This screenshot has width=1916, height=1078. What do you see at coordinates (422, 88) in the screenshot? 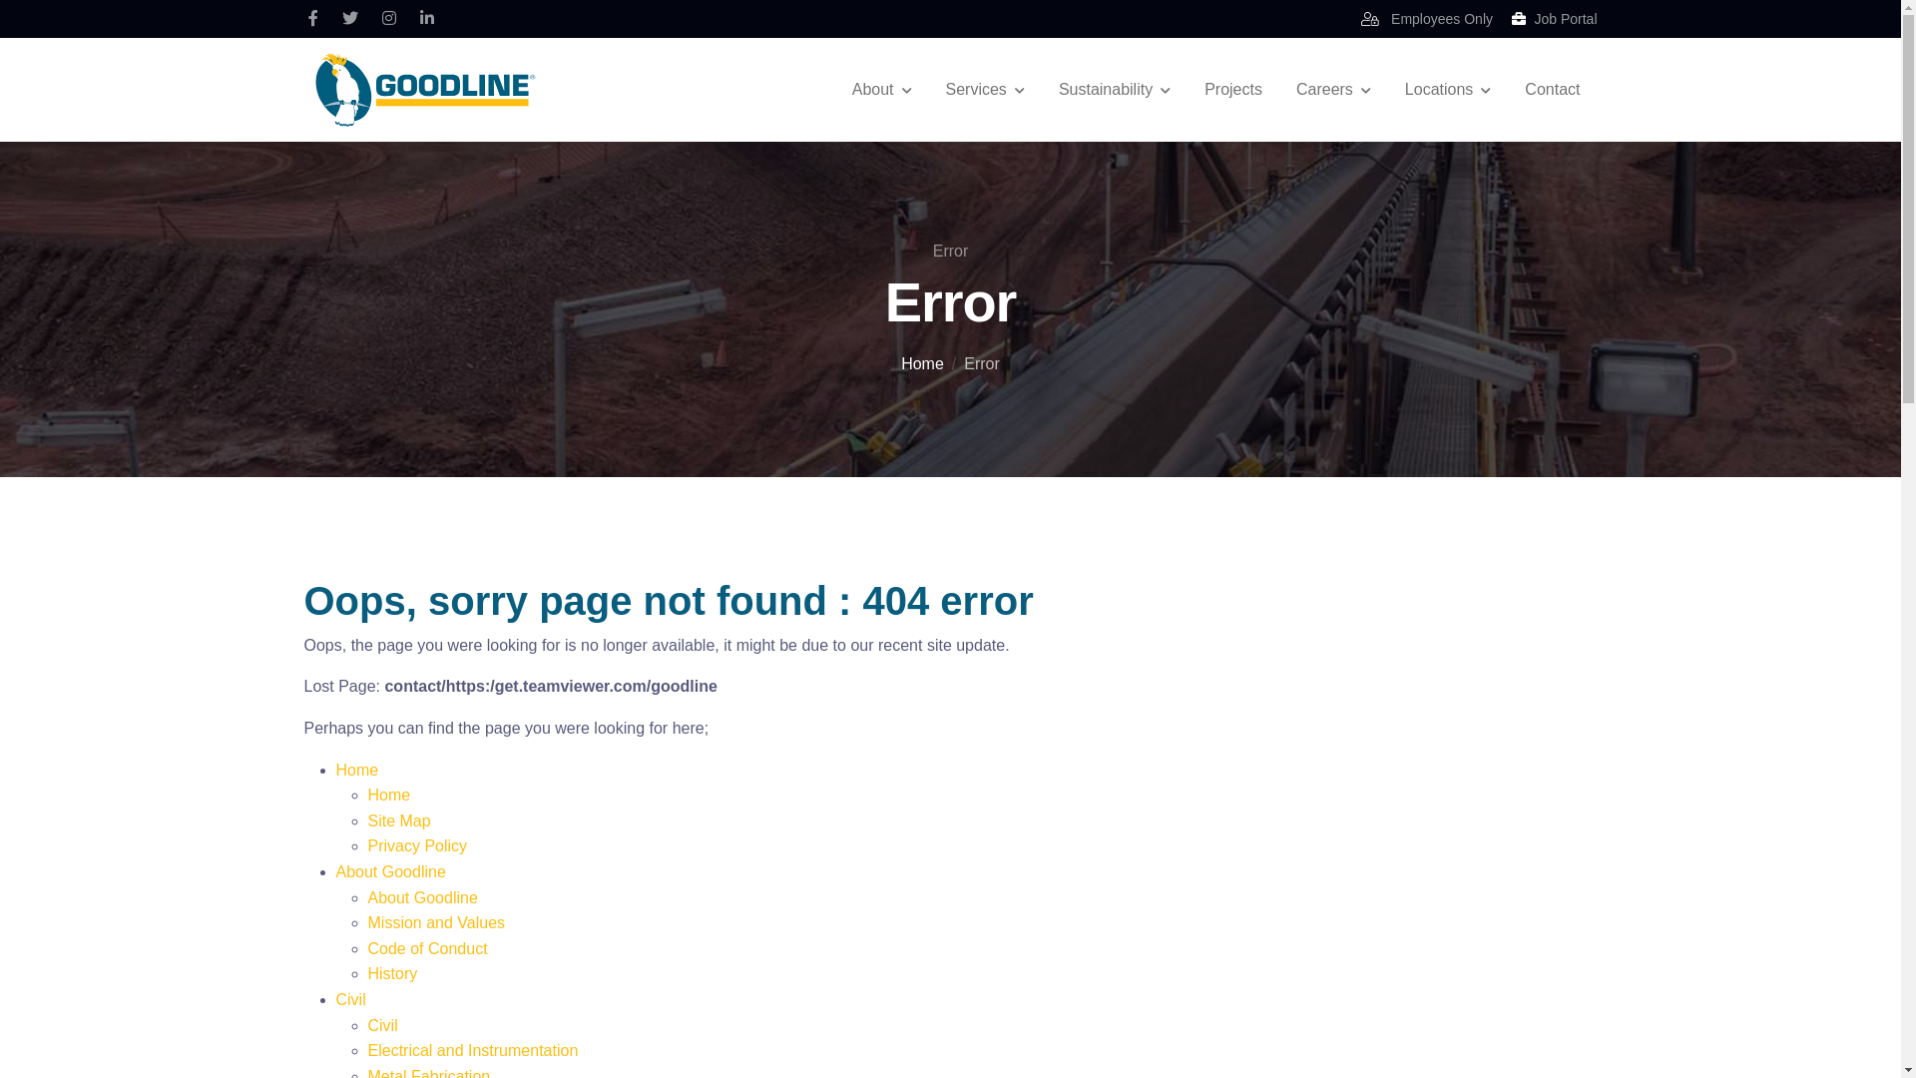
I see `'Goodline'` at bounding box center [422, 88].